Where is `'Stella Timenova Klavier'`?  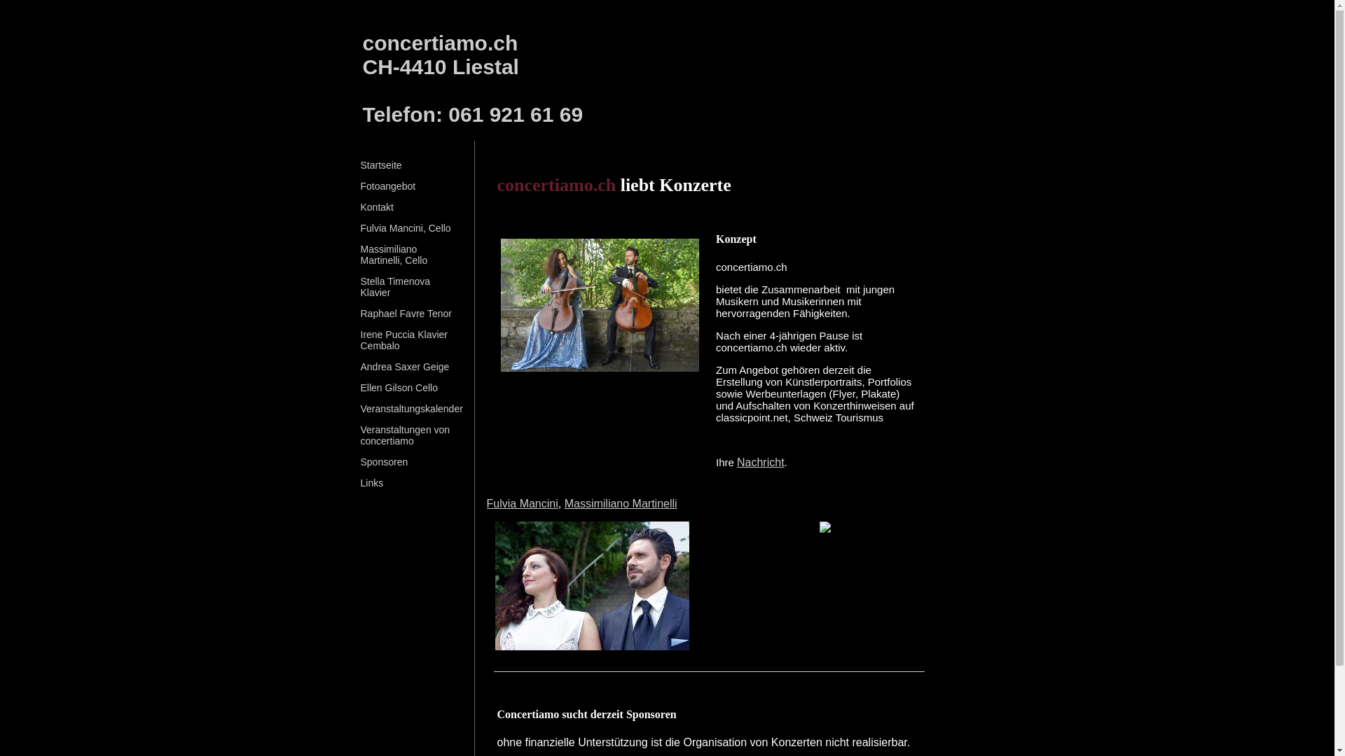
'Stella Timenova Klavier' is located at coordinates (394, 290).